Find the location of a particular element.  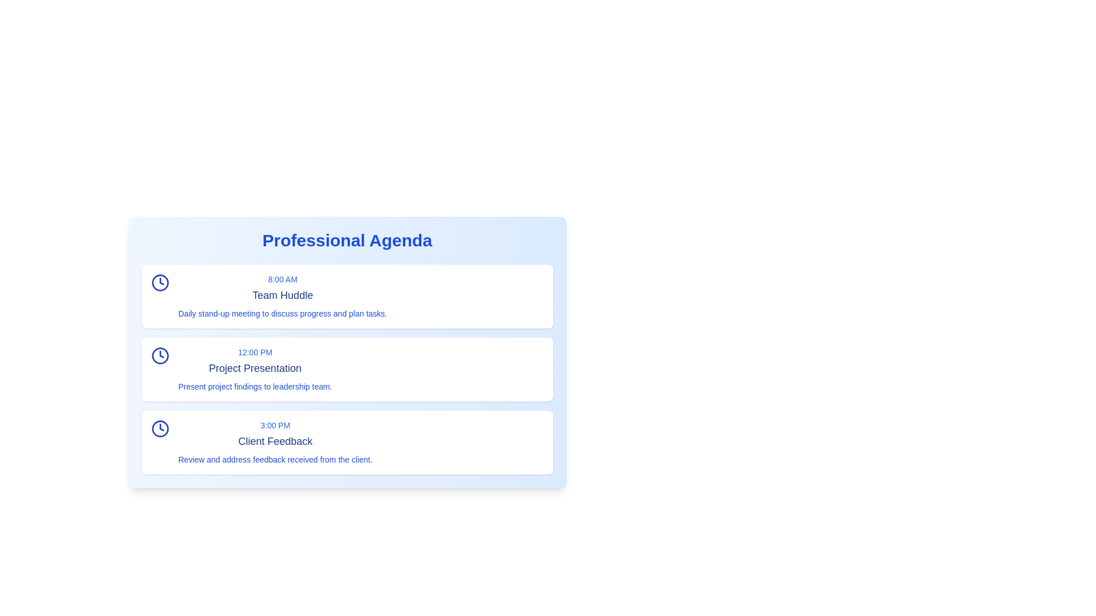

the header or title text element that indicates the content of the agenda item, located below the timestamp '3:00 PM' and above the descriptive text is located at coordinates (275, 441).